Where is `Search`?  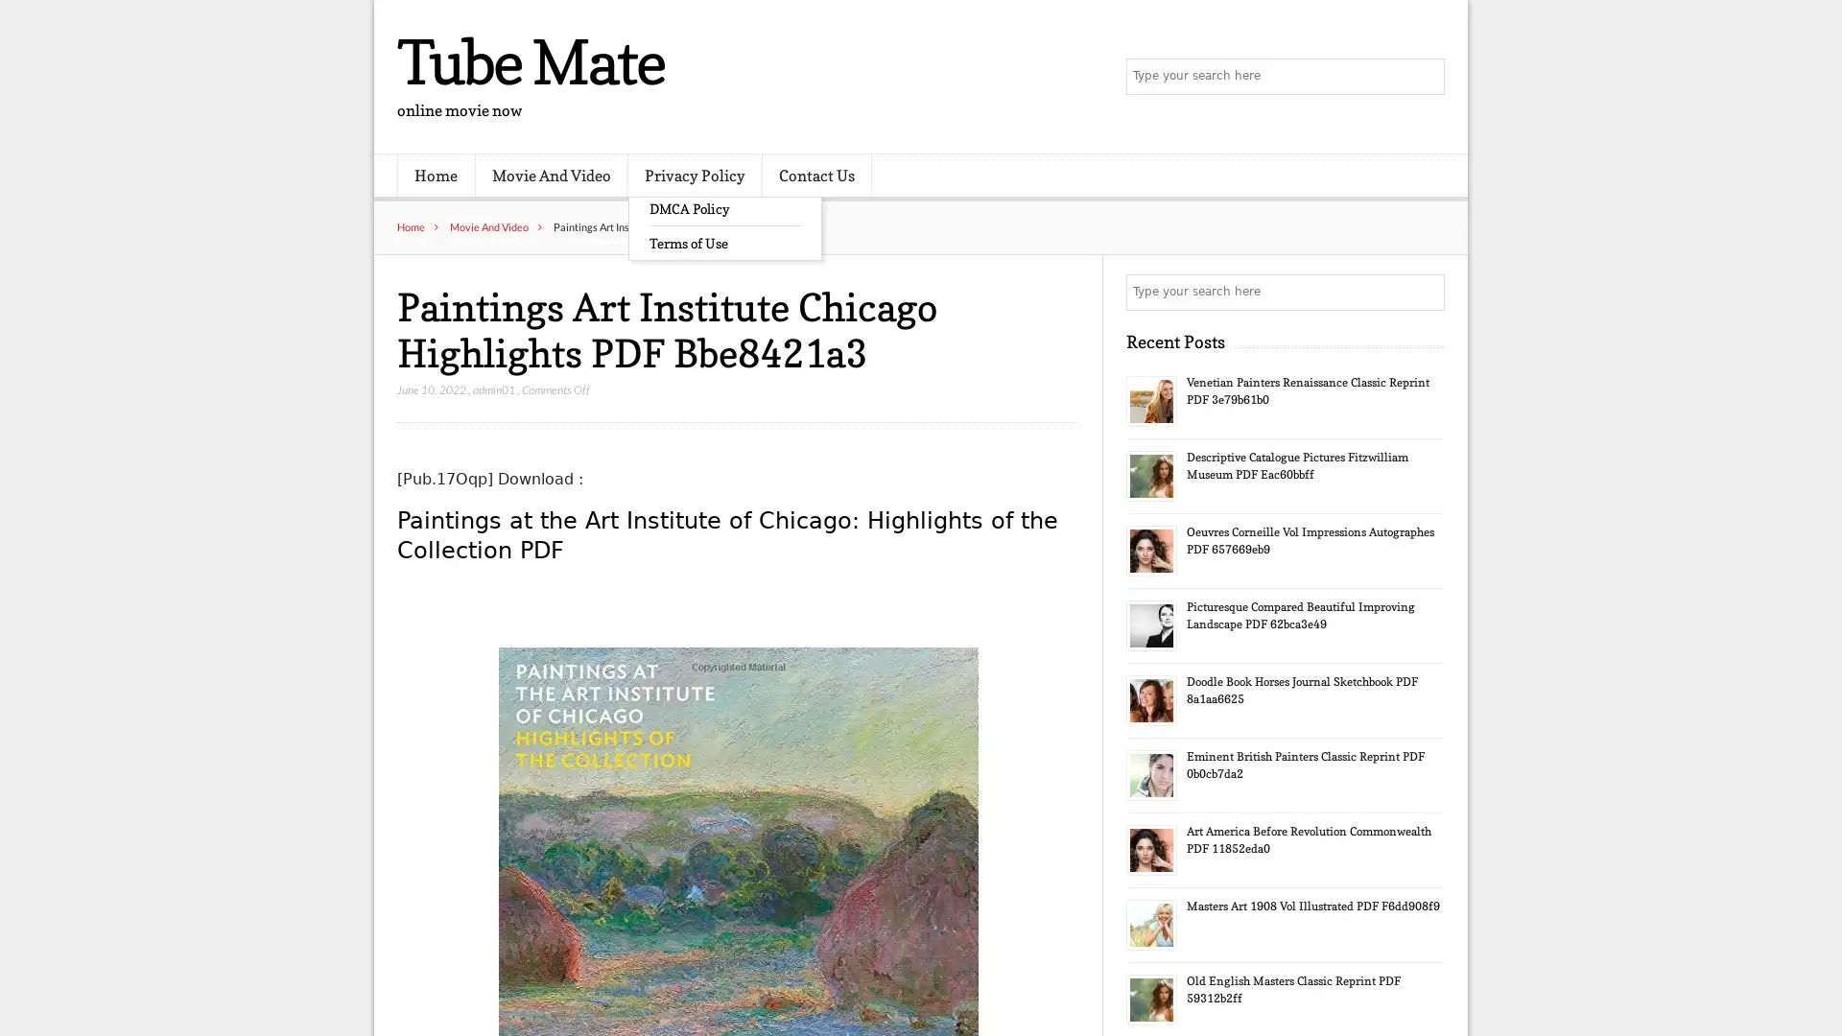
Search is located at coordinates (1425, 292).